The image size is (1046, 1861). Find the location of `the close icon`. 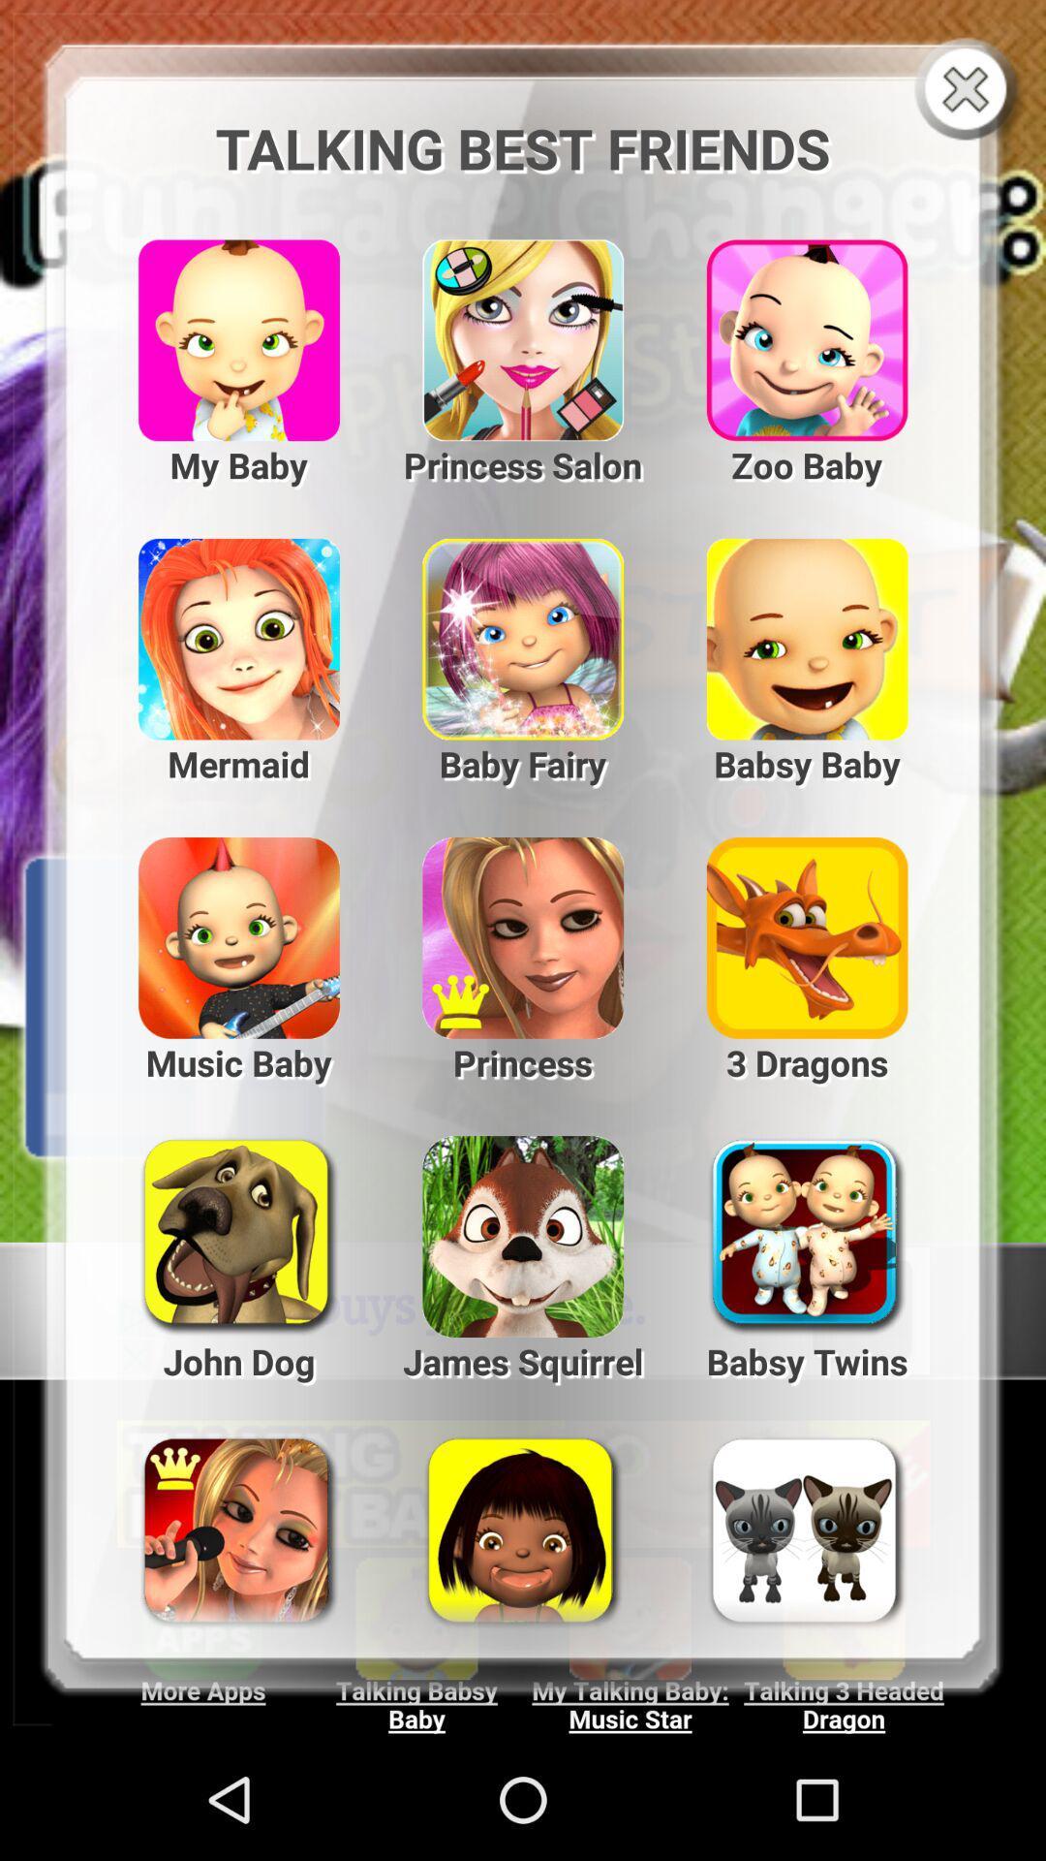

the close icon is located at coordinates (969, 97).